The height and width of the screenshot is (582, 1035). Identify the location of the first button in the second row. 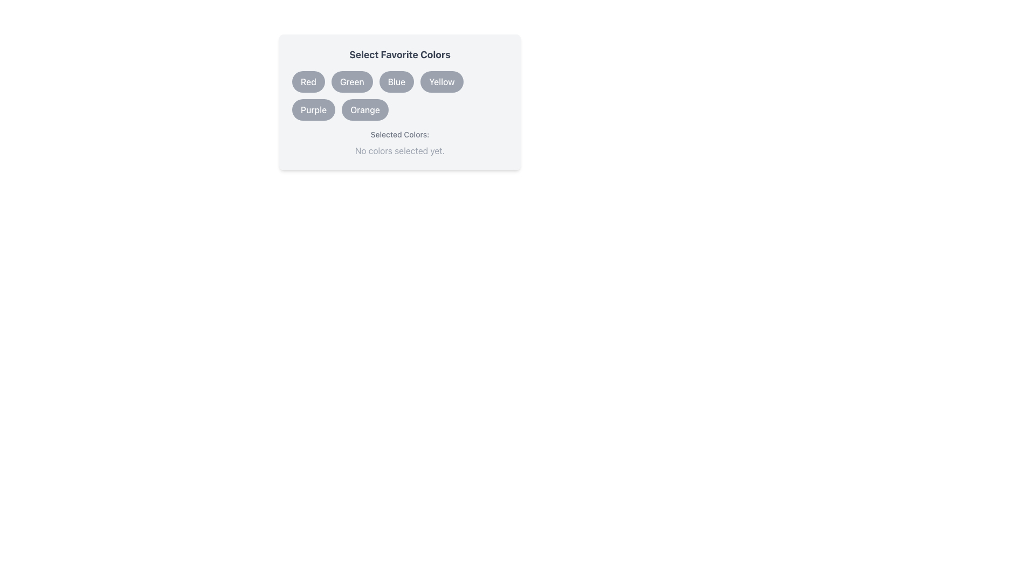
(313, 110).